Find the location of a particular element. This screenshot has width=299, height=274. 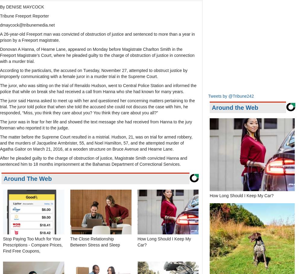

'According to the particulars, the accused on Tuesday, November 27, attempted to obstruct justice by improperly communicating with a female juror in a murder trial in the Supreme Court.' is located at coordinates (0, 73).